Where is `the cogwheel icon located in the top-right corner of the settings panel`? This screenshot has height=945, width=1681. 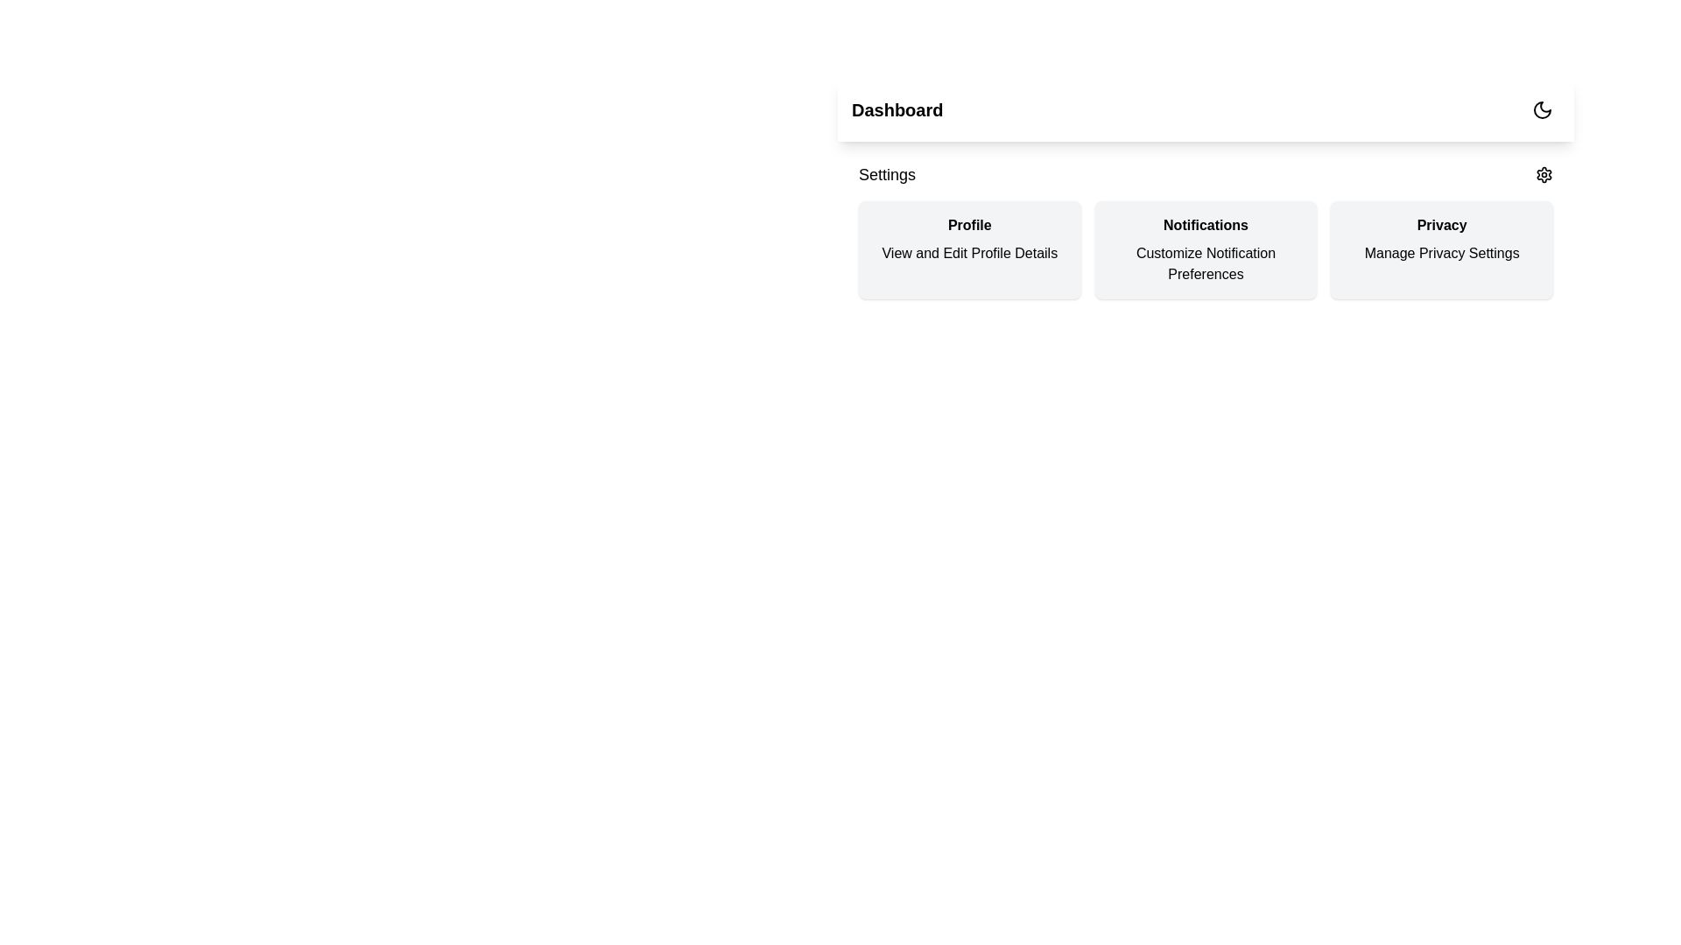
the cogwheel icon located in the top-right corner of the settings panel is located at coordinates (1544, 175).